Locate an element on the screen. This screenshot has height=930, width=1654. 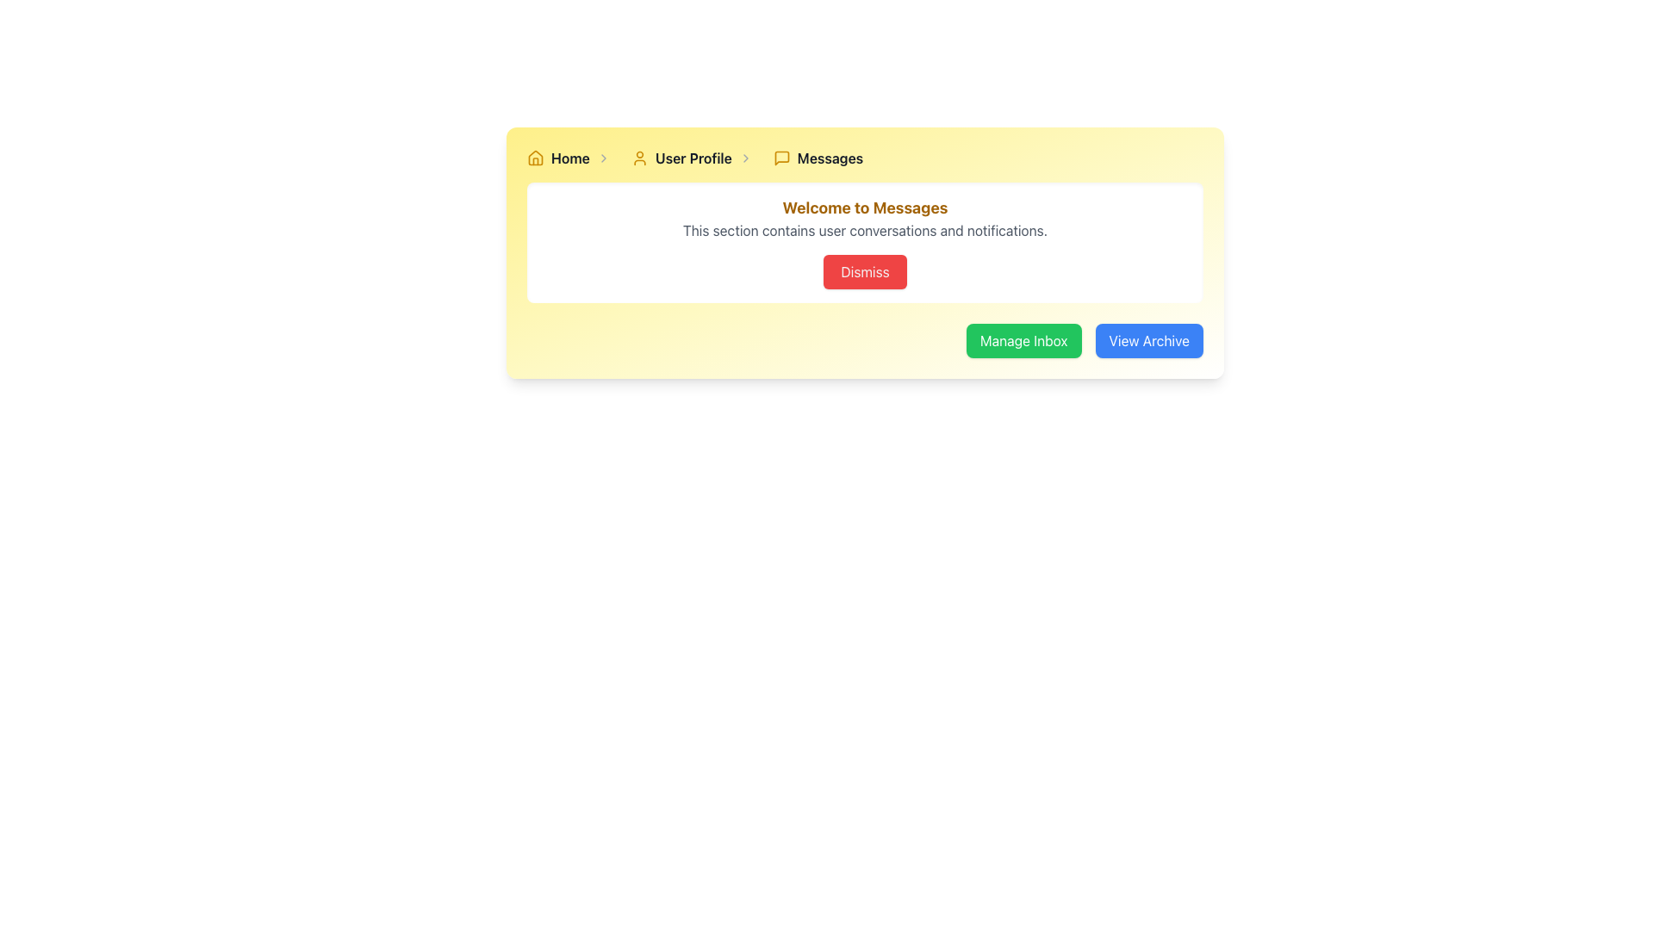
the user profile icon, which is a small yellow-filled outline of a person located in the breadcrumb navigation bar, to the left of the 'User Profile' text is located at coordinates (638, 158).